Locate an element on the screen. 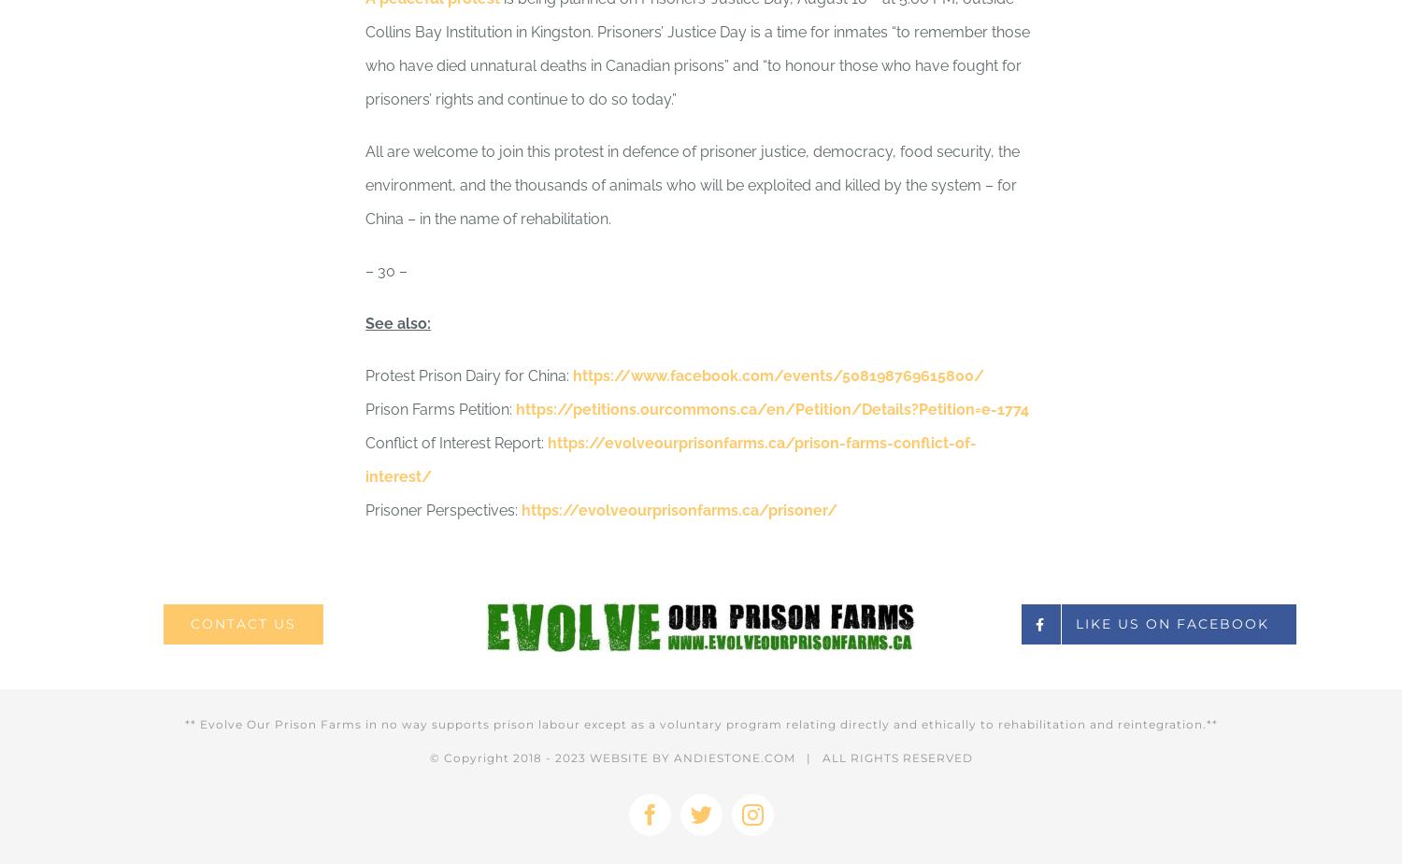 The height and width of the screenshot is (864, 1402). 'See also:' is located at coordinates (365, 322).